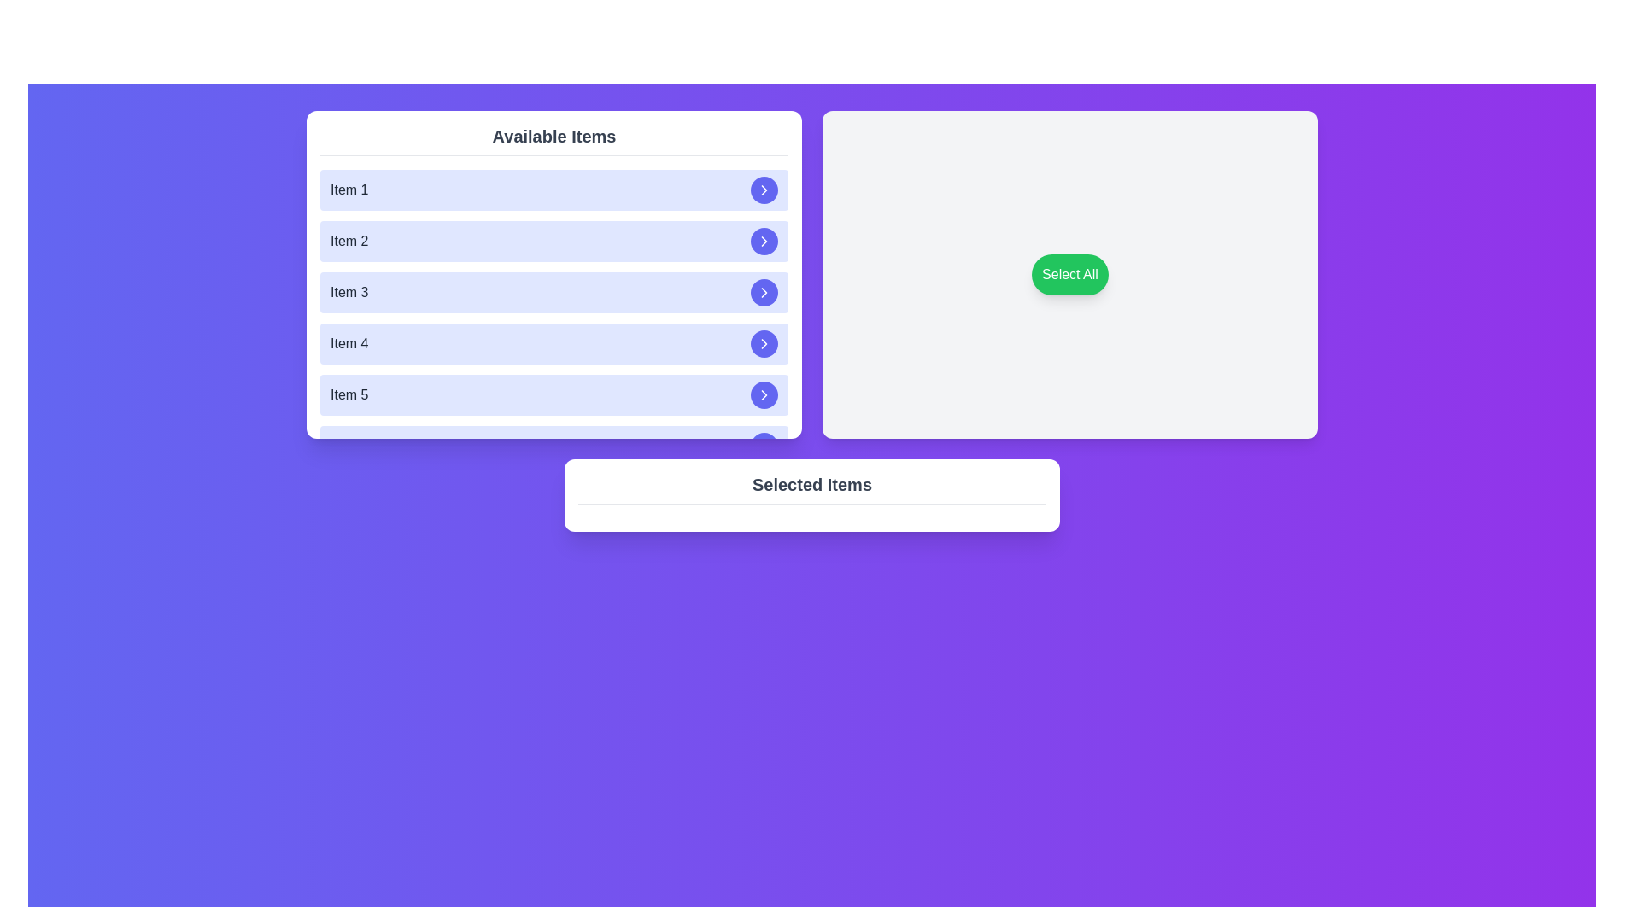 This screenshot has height=922, width=1640. What do you see at coordinates (763, 292) in the screenshot?
I see `the button located on the rightmost section of the 'Item 3' rectangle` at bounding box center [763, 292].